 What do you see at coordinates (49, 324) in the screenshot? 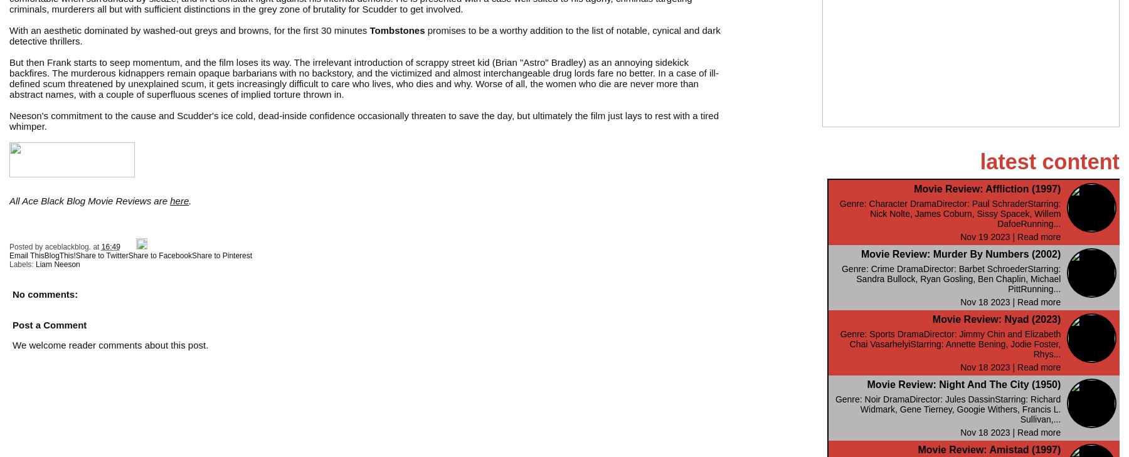
I see `'Post a Comment'` at bounding box center [49, 324].